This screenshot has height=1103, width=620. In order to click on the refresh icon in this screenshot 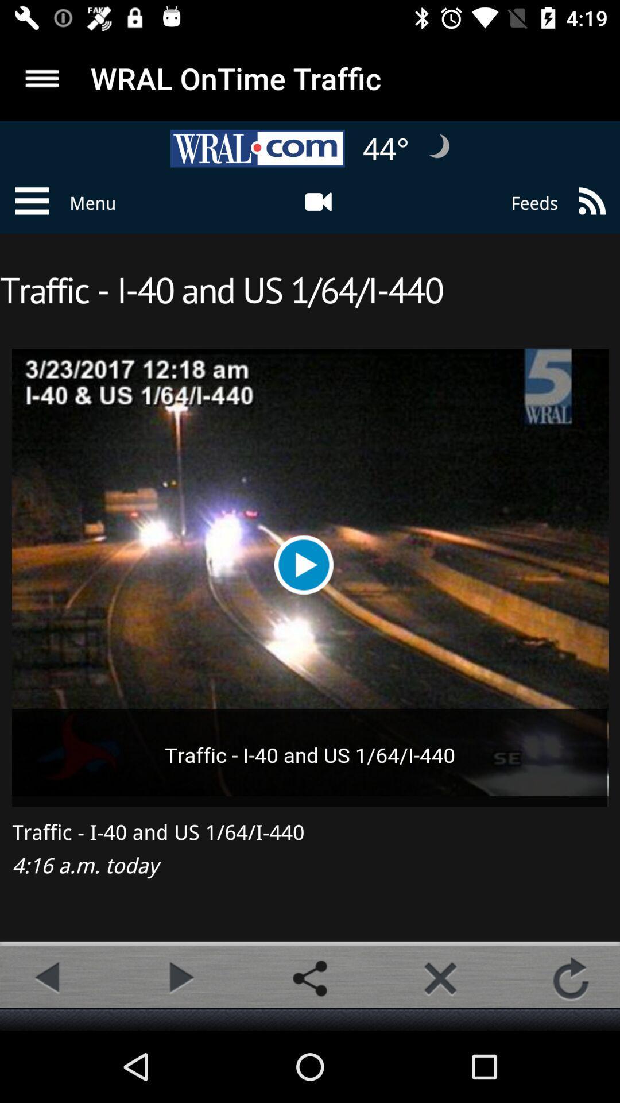, I will do `click(571, 978)`.